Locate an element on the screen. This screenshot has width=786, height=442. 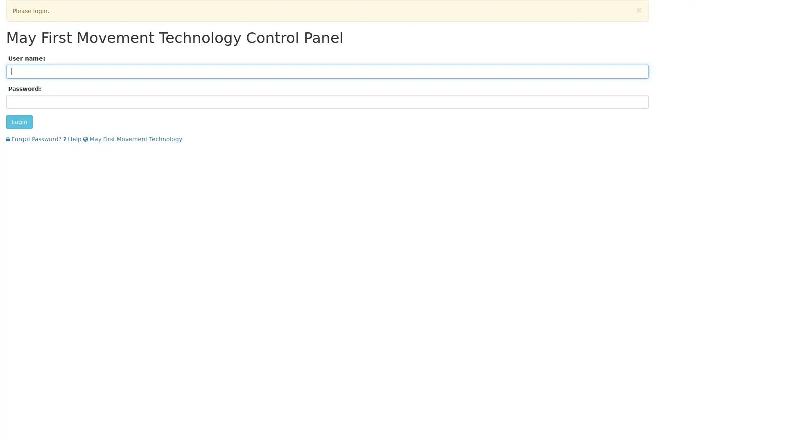
Login is located at coordinates (19, 122).